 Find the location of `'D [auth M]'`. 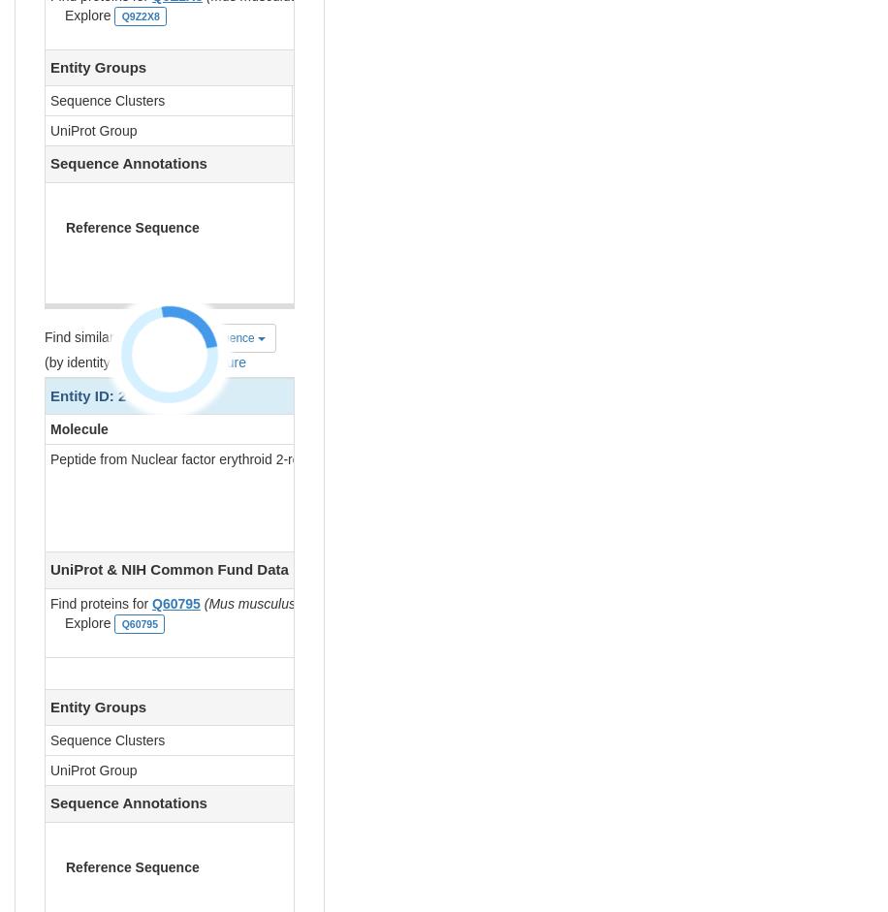

'D [auth M]' is located at coordinates (428, 478).